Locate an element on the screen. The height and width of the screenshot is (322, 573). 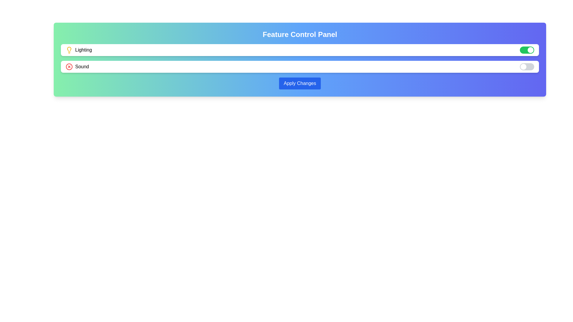
the toggle switch for the 'Lighting' feature to change its state between enabled and disabled is located at coordinates (527, 50).